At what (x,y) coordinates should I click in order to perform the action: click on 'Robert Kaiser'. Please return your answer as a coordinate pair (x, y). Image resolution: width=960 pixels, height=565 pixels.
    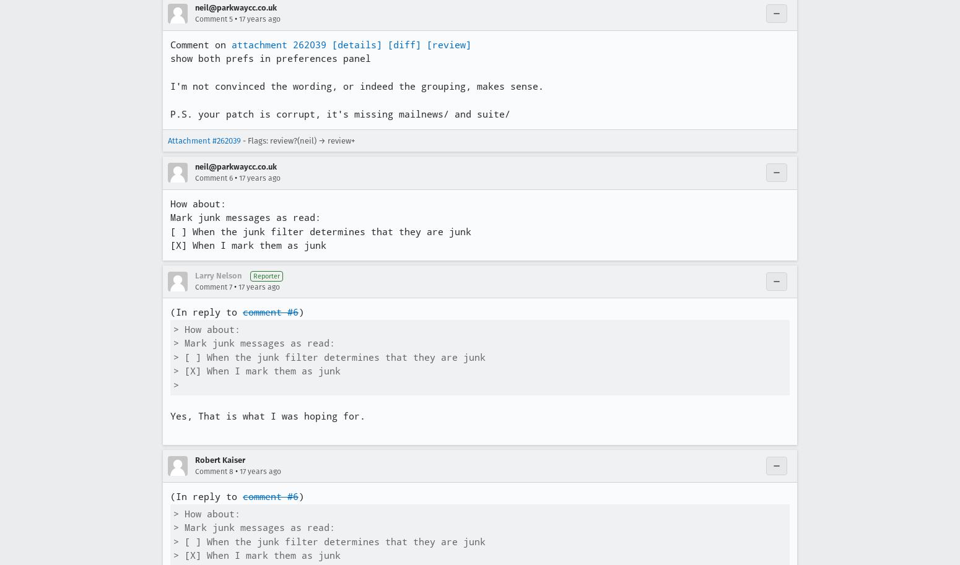
    Looking at the image, I should click on (219, 459).